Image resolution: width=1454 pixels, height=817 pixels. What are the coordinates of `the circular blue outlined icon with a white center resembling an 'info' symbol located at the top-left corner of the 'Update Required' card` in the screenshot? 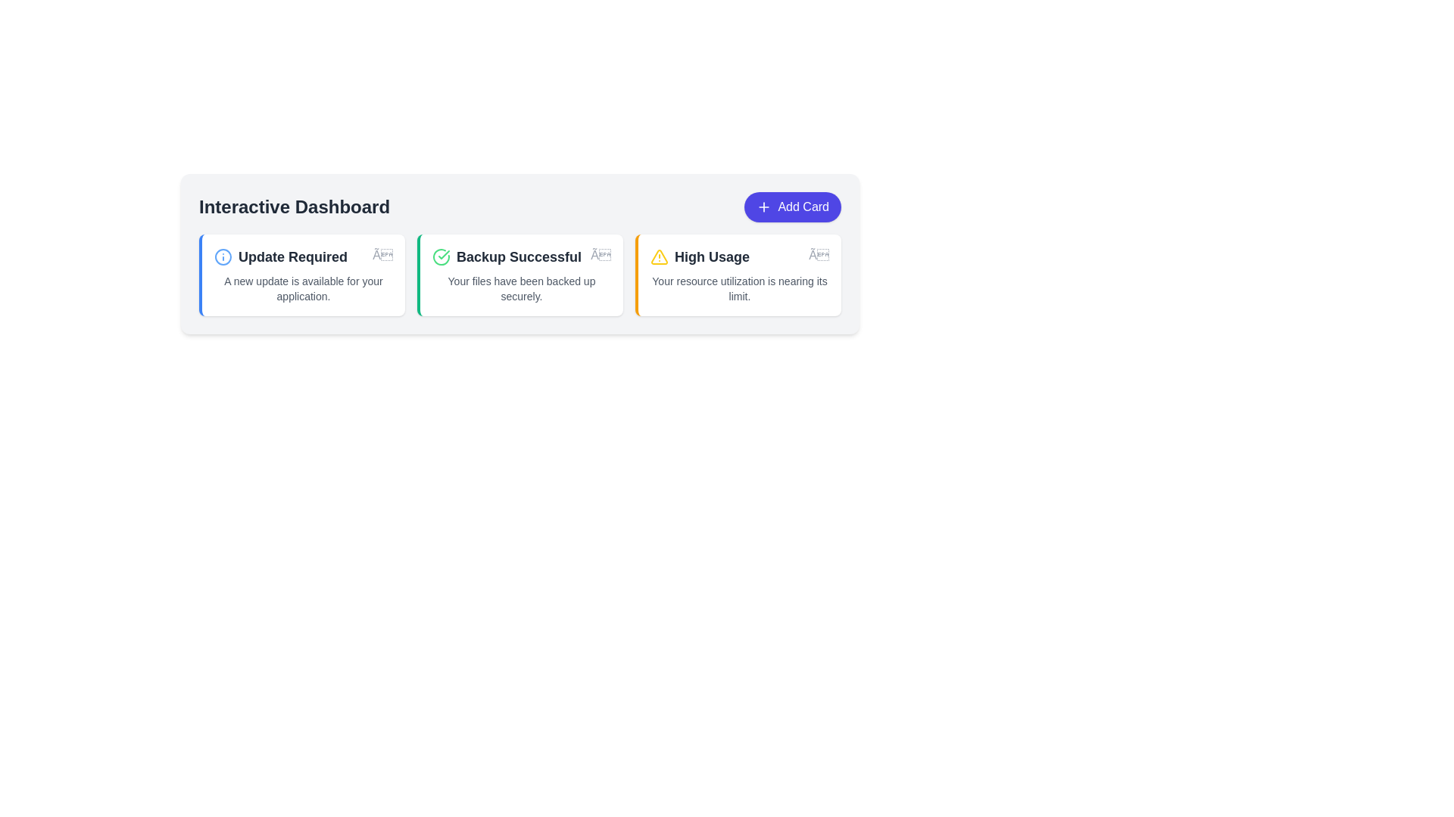 It's located at (222, 256).